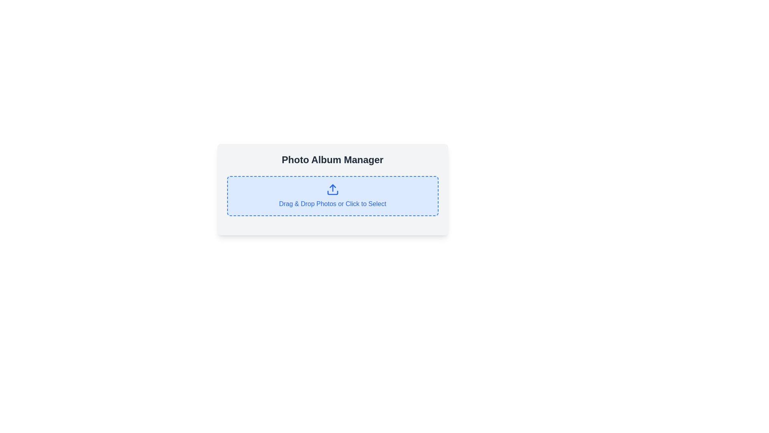 This screenshot has height=433, width=769. I want to click on the clickable UI instruction area that features the text 'Drag & Drop Photos or Click to Select' and a blue upload icon, so click(332, 196).